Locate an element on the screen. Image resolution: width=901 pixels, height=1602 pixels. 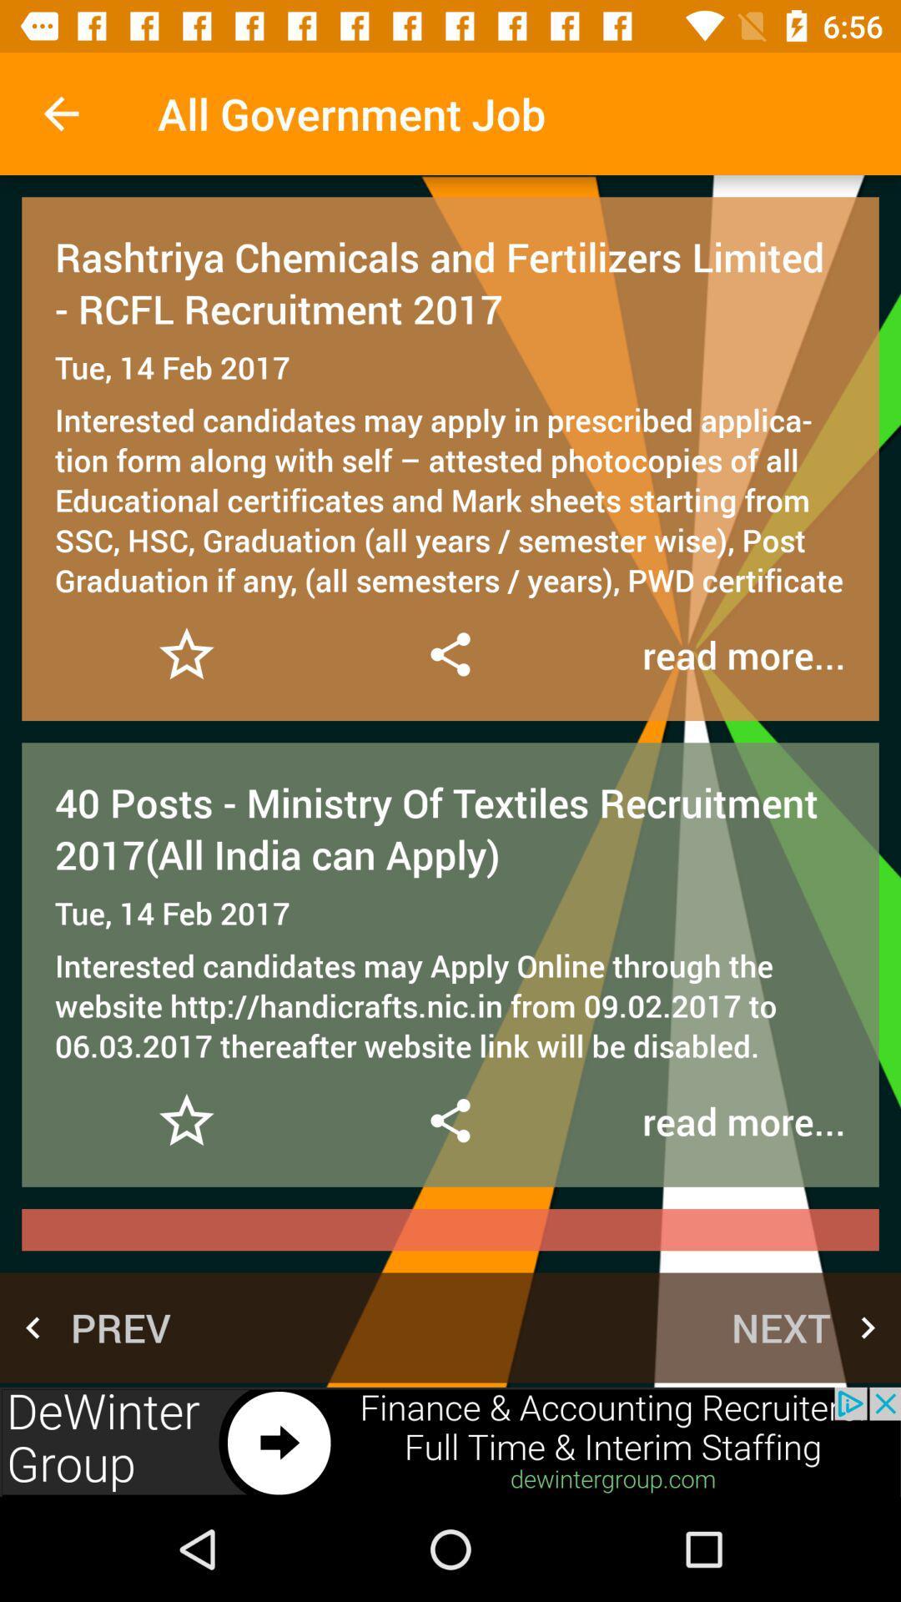
the advertisement is located at coordinates (450, 1441).